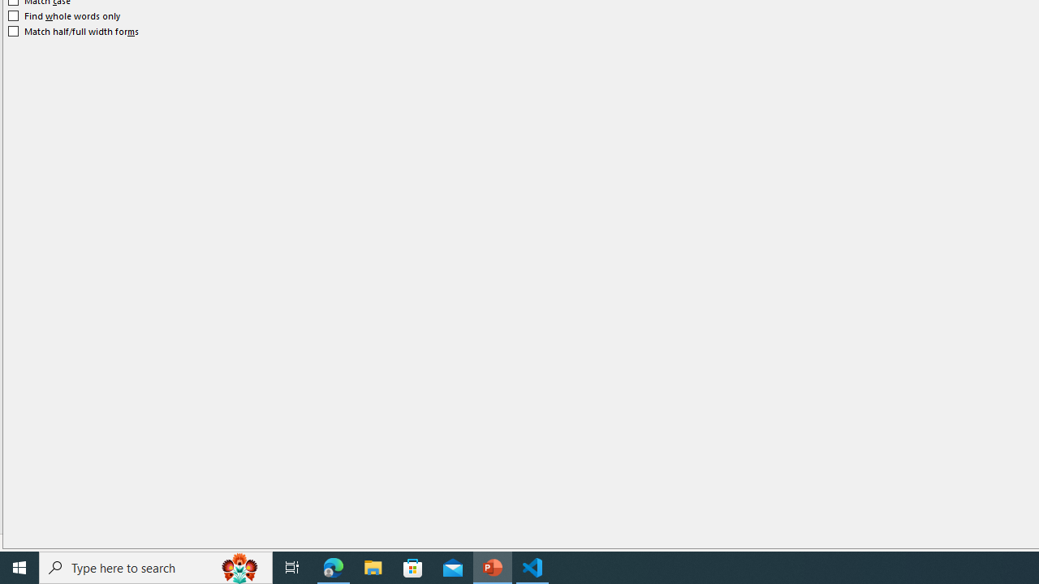  What do you see at coordinates (65, 16) in the screenshot?
I see `'Find whole words only'` at bounding box center [65, 16].